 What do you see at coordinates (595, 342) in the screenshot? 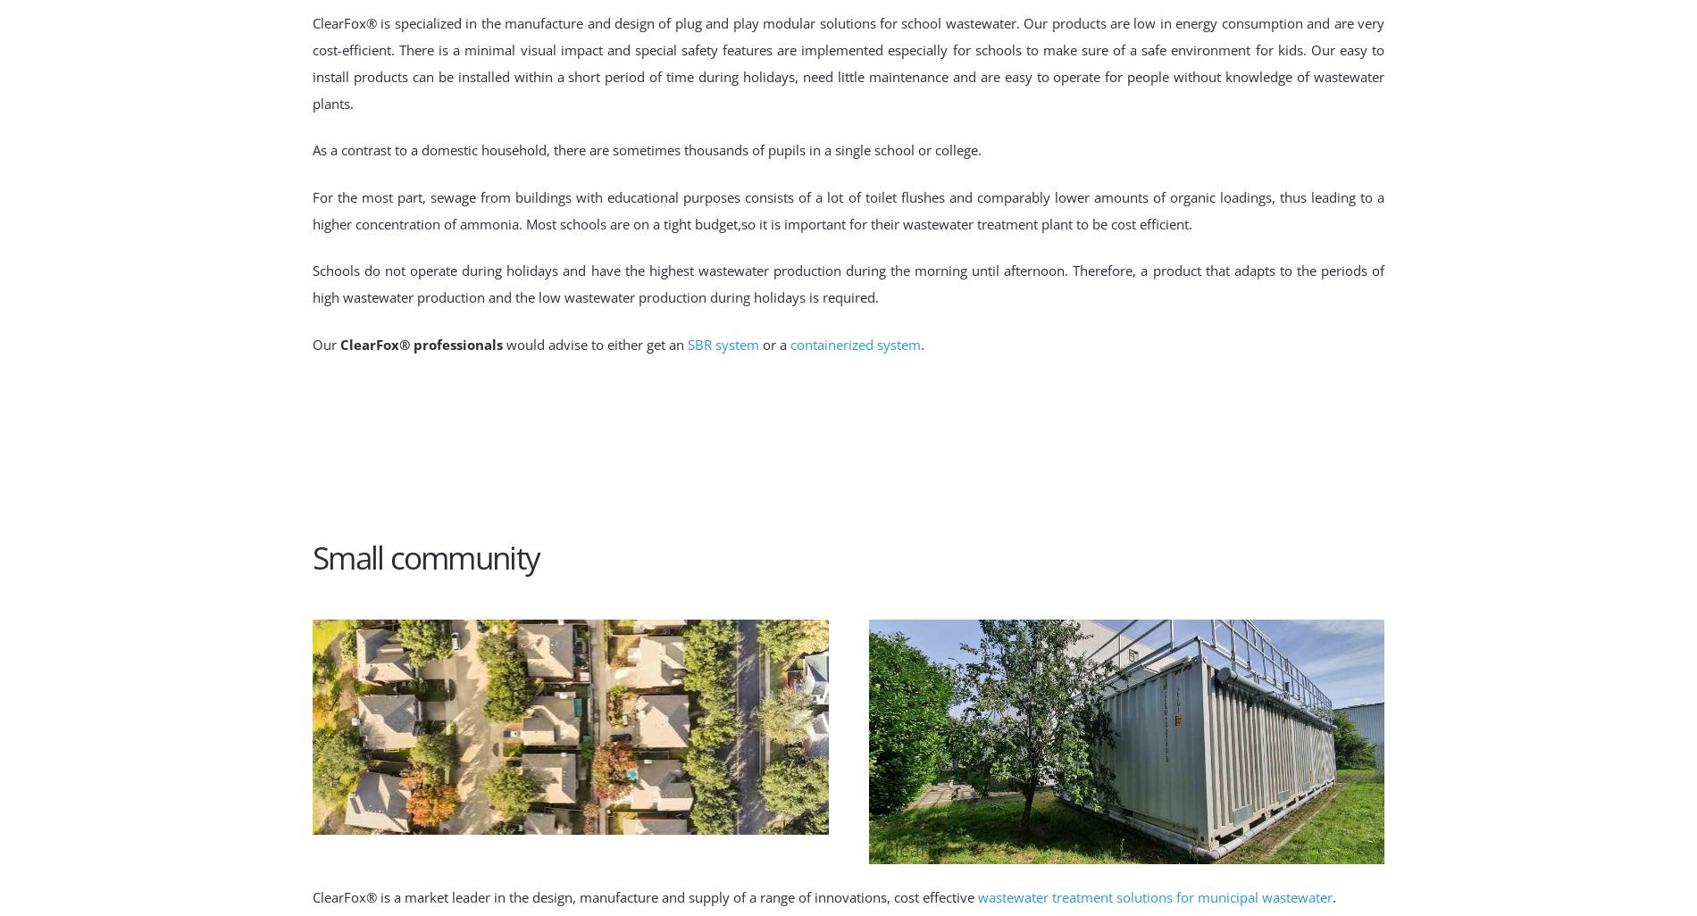
I see `'would advise to either get an'` at bounding box center [595, 342].